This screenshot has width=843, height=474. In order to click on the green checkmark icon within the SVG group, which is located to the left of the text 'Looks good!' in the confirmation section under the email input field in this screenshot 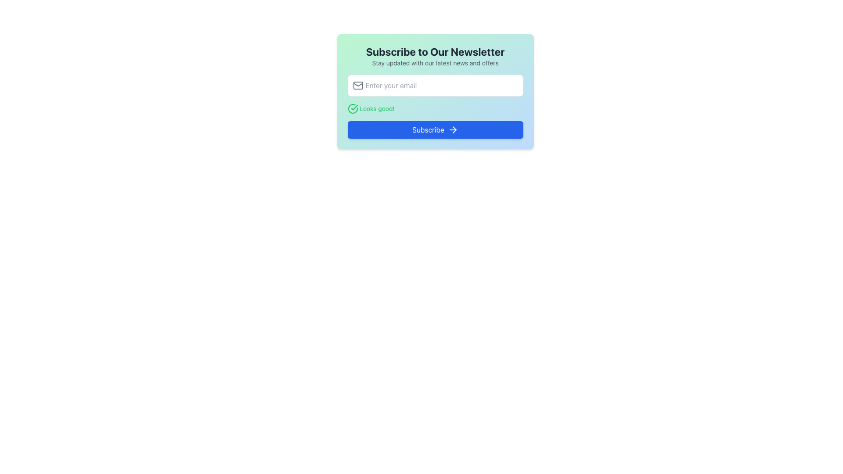, I will do `click(354, 107)`.